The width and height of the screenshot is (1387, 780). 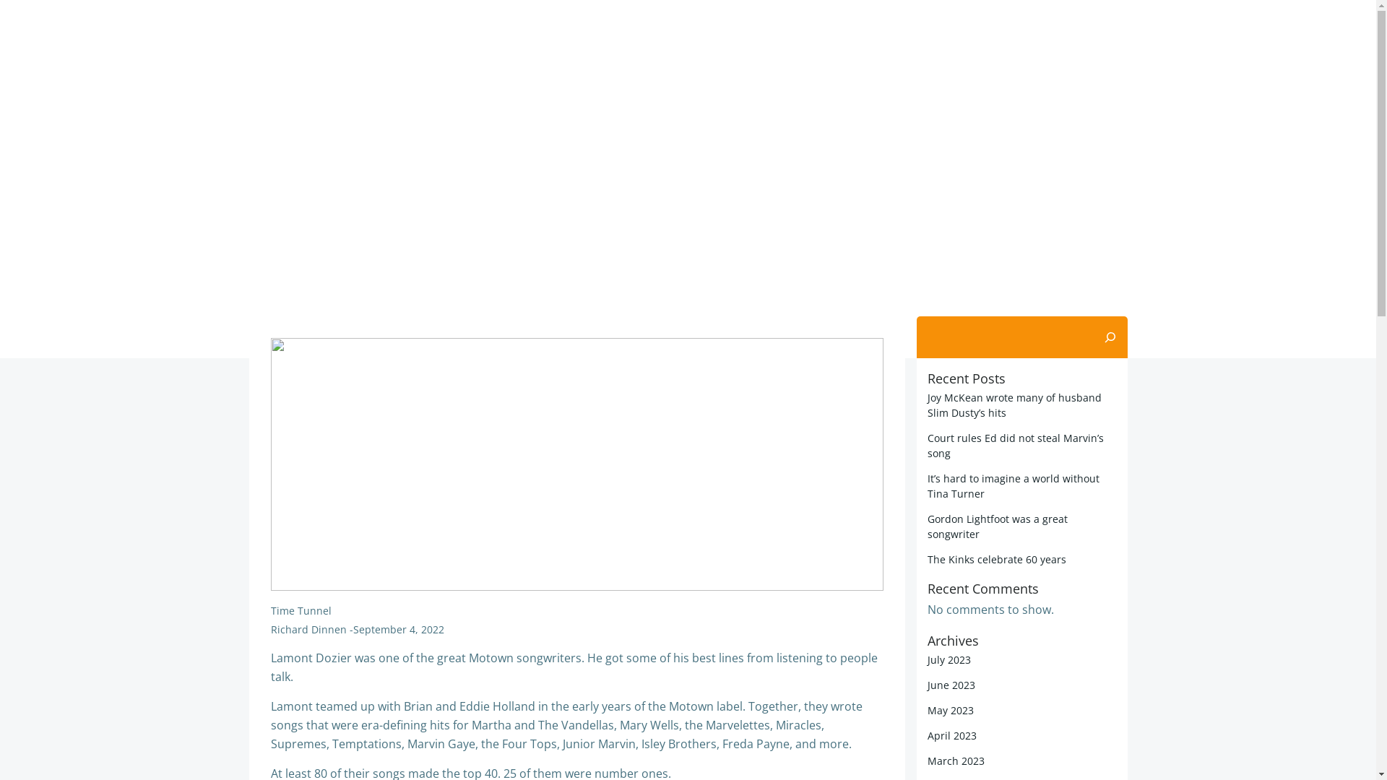 I want to click on 'June 2023', so click(x=951, y=684).